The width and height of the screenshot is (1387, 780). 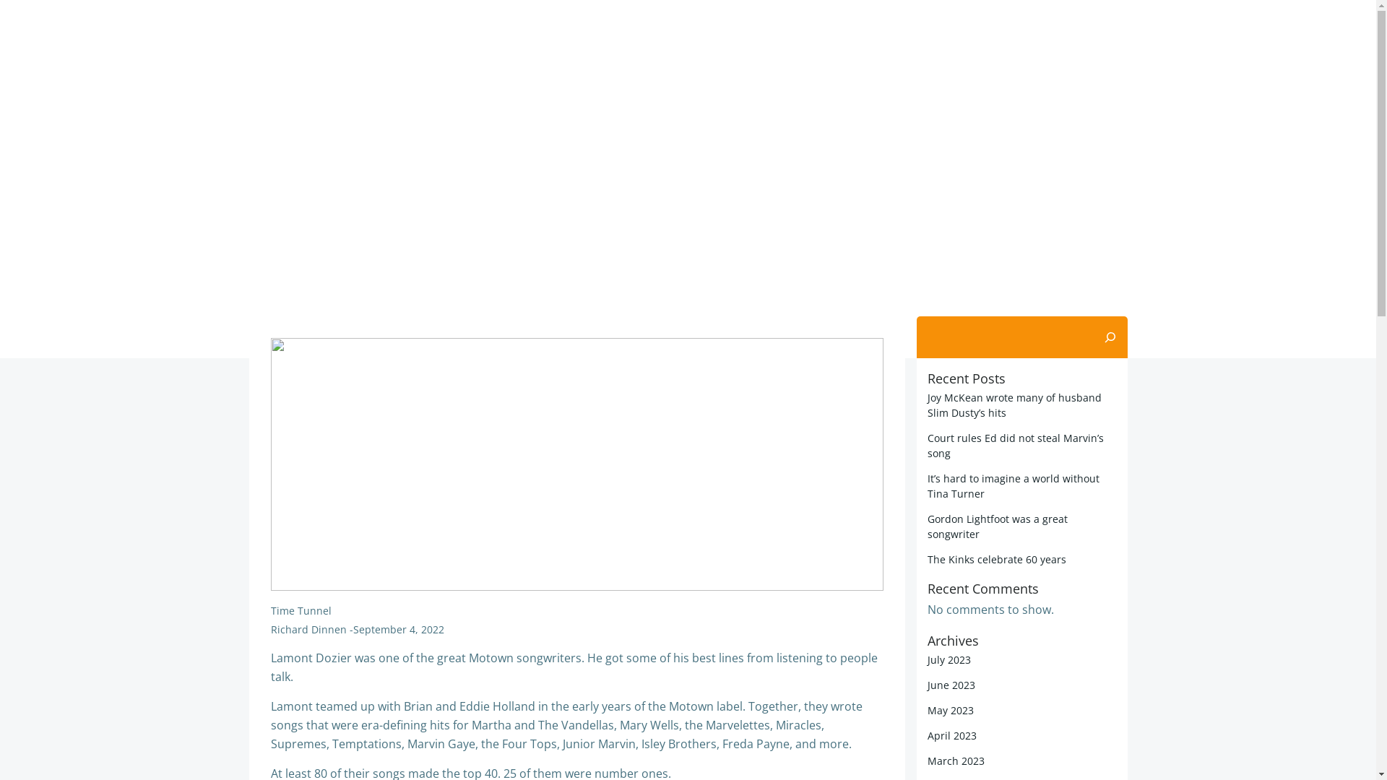 I want to click on 'June 2023', so click(x=951, y=684).